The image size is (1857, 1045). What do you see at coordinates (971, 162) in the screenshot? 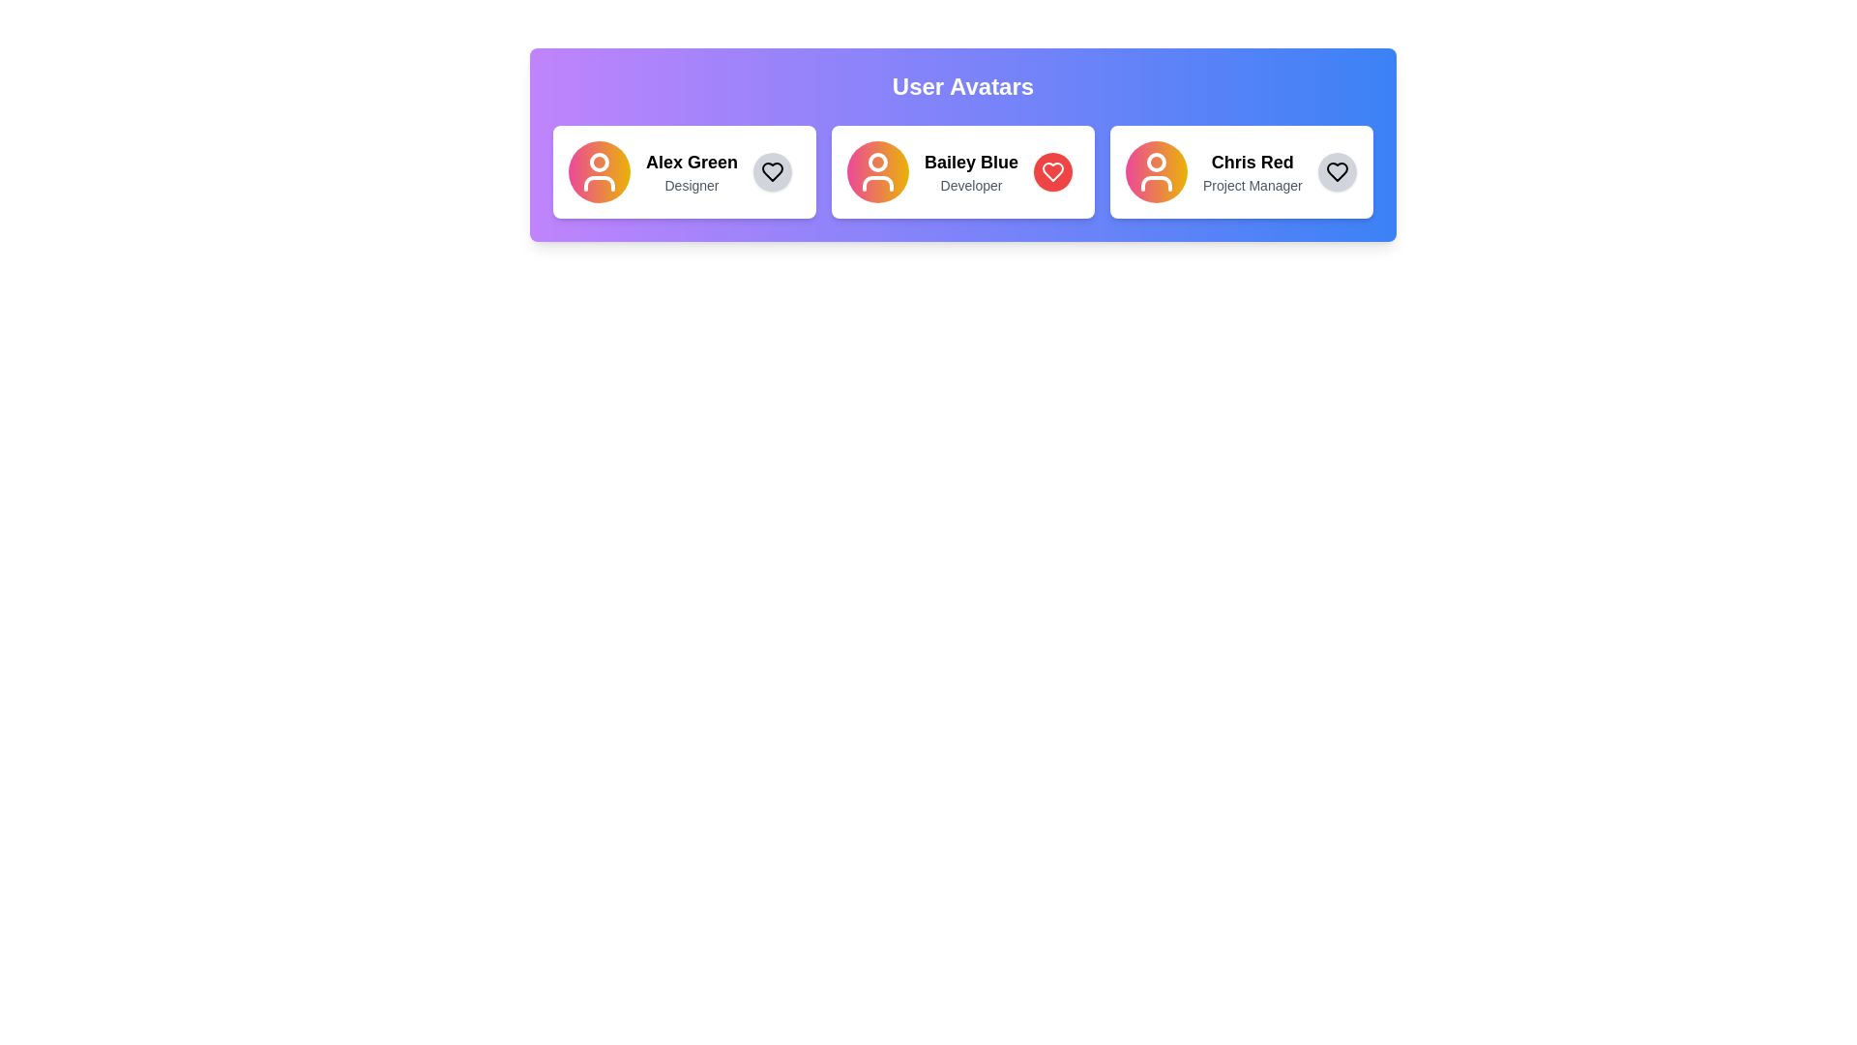
I see `bold text label displaying 'Bailey Blue' located at the center of the middle user card, above the descriptive text 'Developer'` at bounding box center [971, 162].